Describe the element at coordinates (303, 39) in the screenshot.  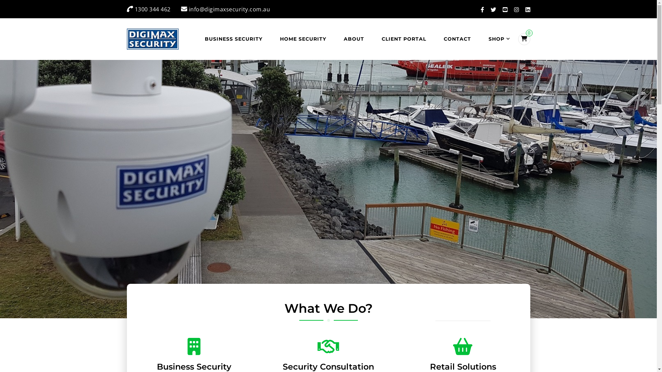
I see `'HOME SECURITY'` at that location.